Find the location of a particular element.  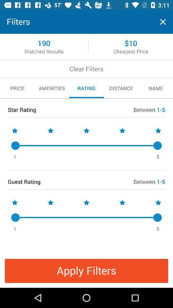

the icon to the right of rating item is located at coordinates (121, 88).